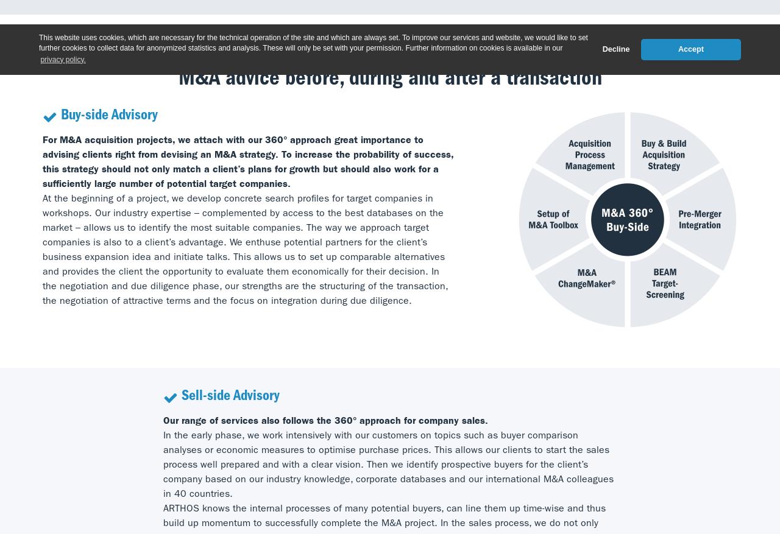 This screenshot has width=780, height=534. Describe the element at coordinates (615, 48) in the screenshot. I see `'Decline'` at that location.